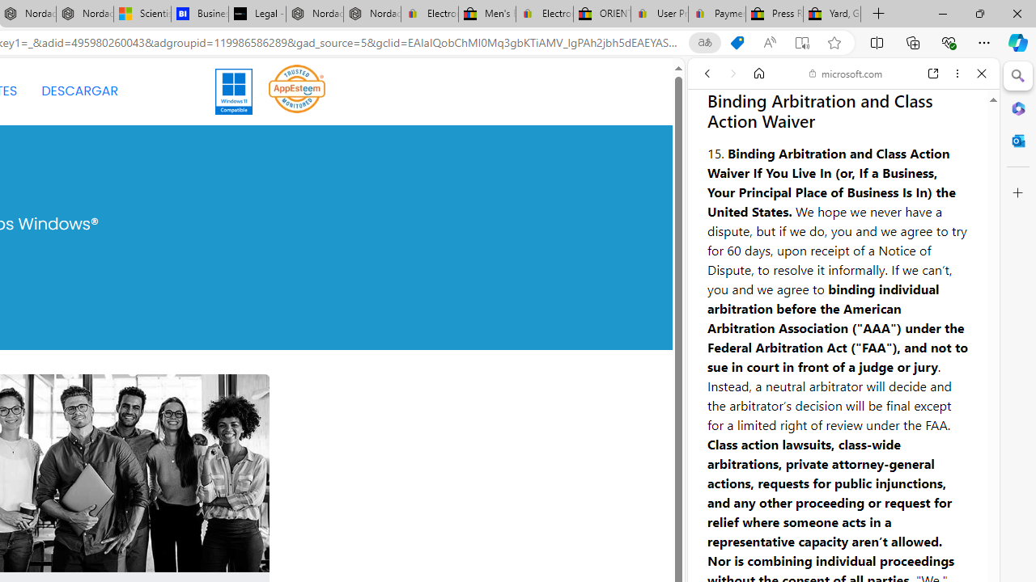 This screenshot has height=582, width=1036. Describe the element at coordinates (79, 91) in the screenshot. I see `'DESCARGAR'` at that location.